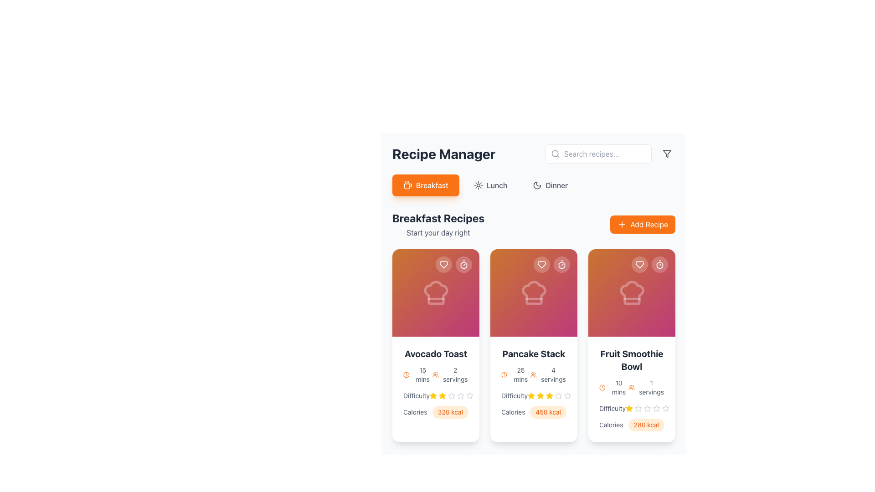 This screenshot has height=492, width=875. I want to click on text element indicating the serving size located in the bottom section of the 'Pancake Stack' card, positioned in the middle column below the cooking time information, so click(548, 374).